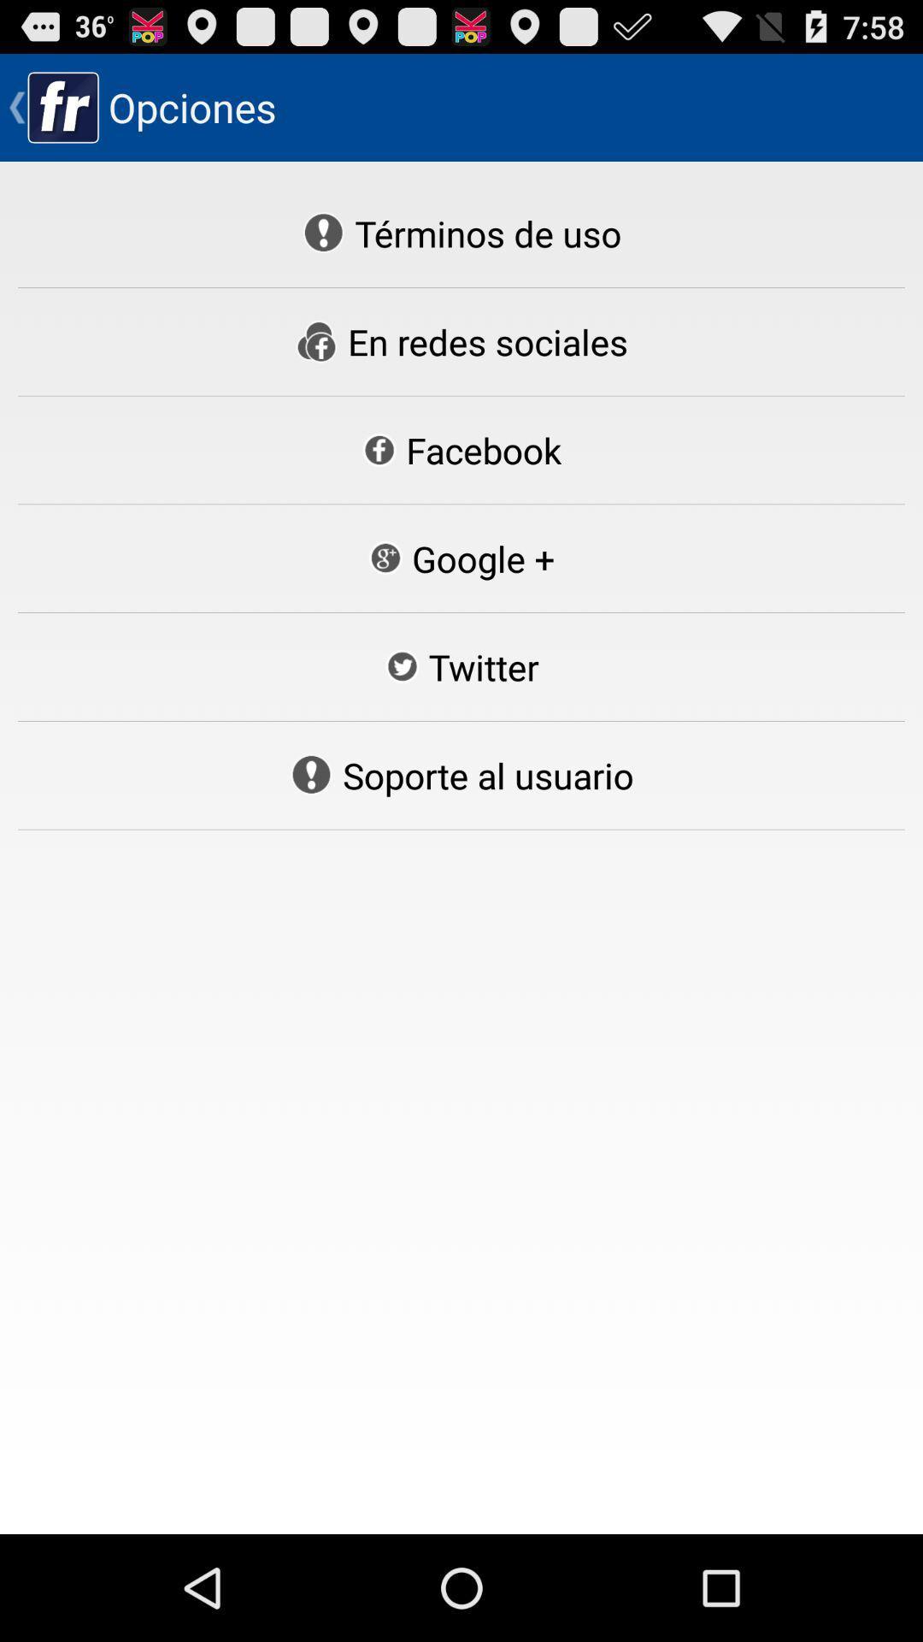 The image size is (923, 1642). Describe the element at coordinates (461, 665) in the screenshot. I see `the twitter item` at that location.